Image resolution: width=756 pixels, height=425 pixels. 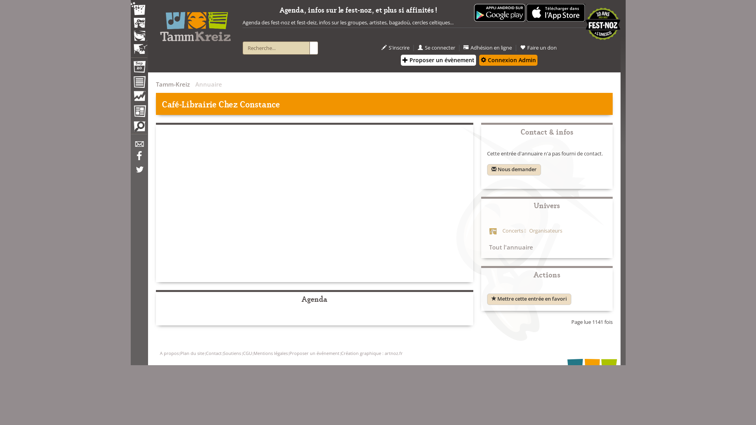 What do you see at coordinates (508, 60) in the screenshot?
I see `'Connexion Admin'` at bounding box center [508, 60].